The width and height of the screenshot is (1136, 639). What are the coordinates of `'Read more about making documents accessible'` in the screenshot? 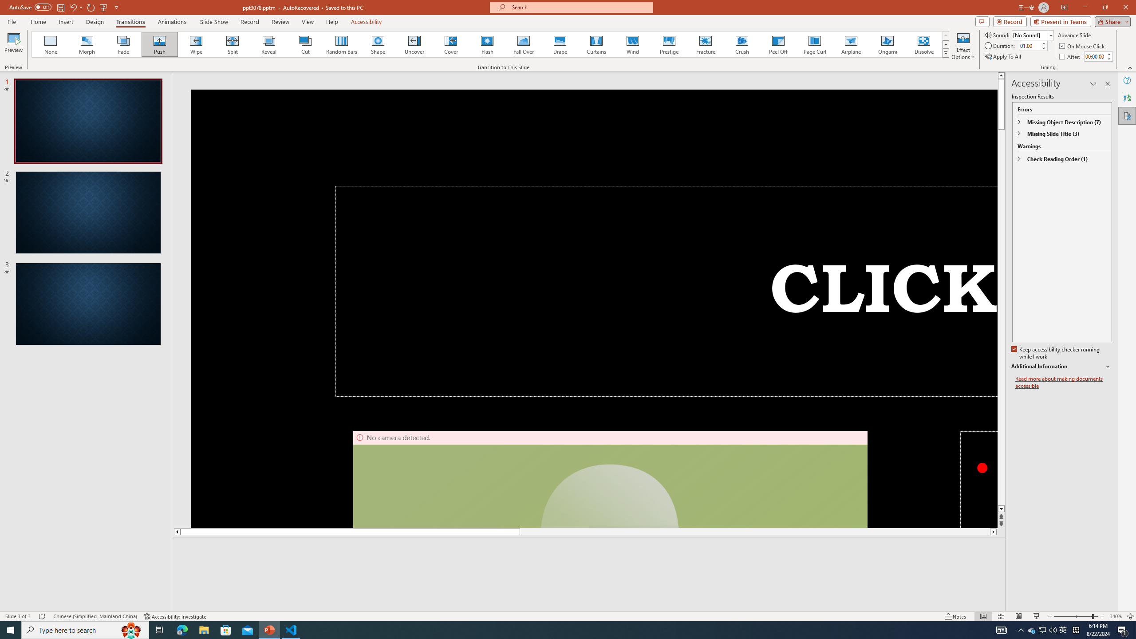 It's located at (1063, 382).